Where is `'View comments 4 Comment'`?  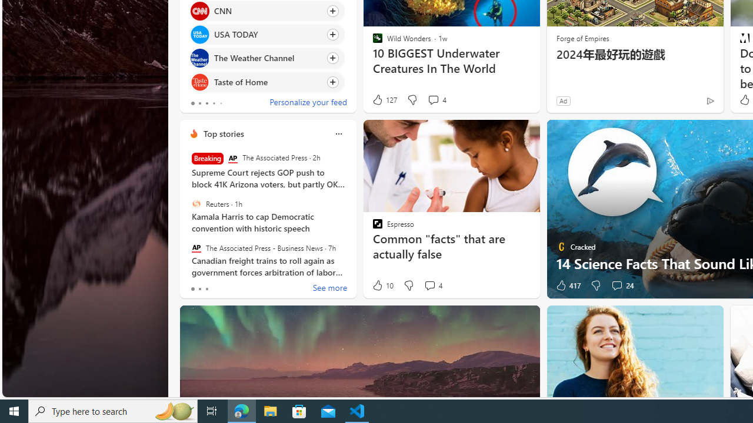
'View comments 4 Comment' is located at coordinates (429, 286).